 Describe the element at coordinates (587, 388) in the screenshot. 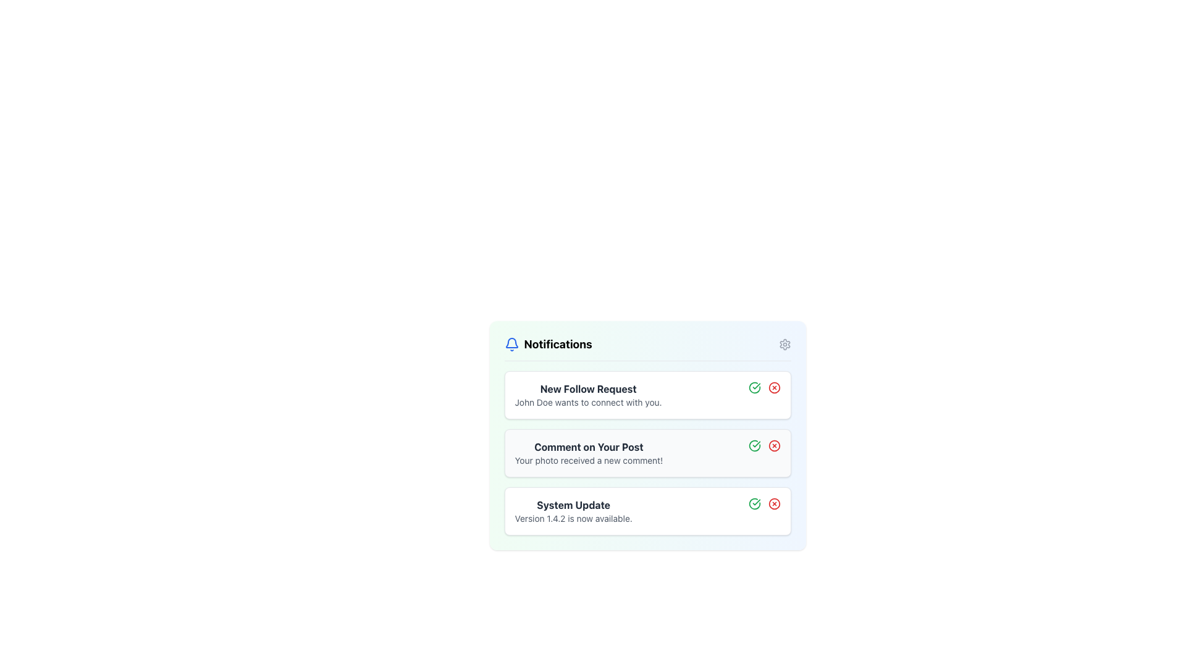

I see `the bold, dark-colored text label that reads 'New Follow Request' at the top center of the first notification card` at that location.